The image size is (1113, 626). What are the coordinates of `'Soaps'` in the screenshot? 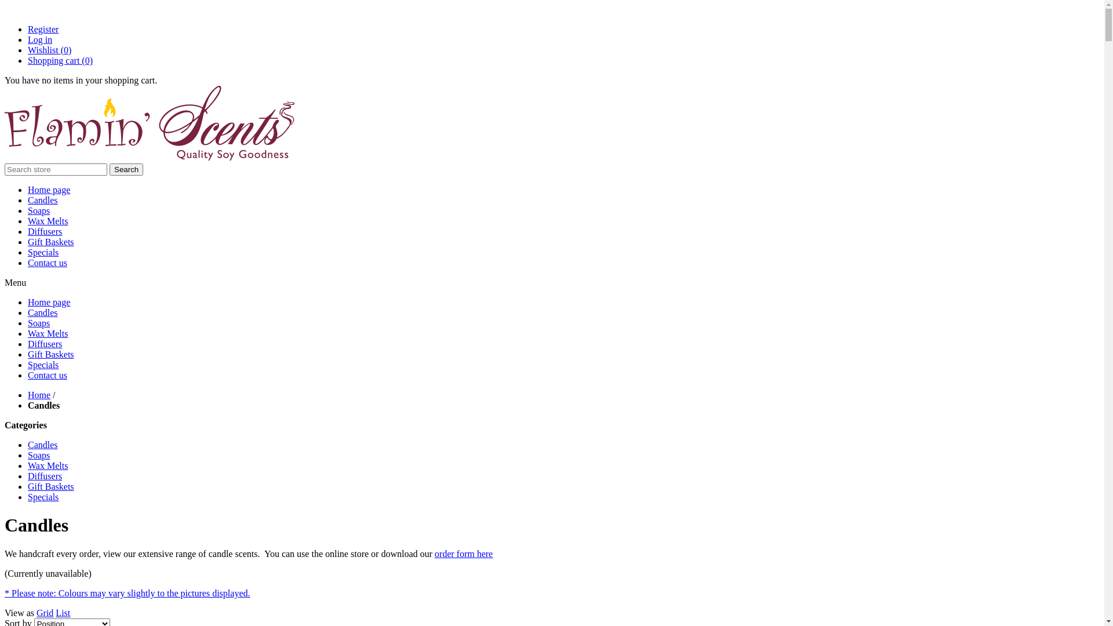 It's located at (39, 210).